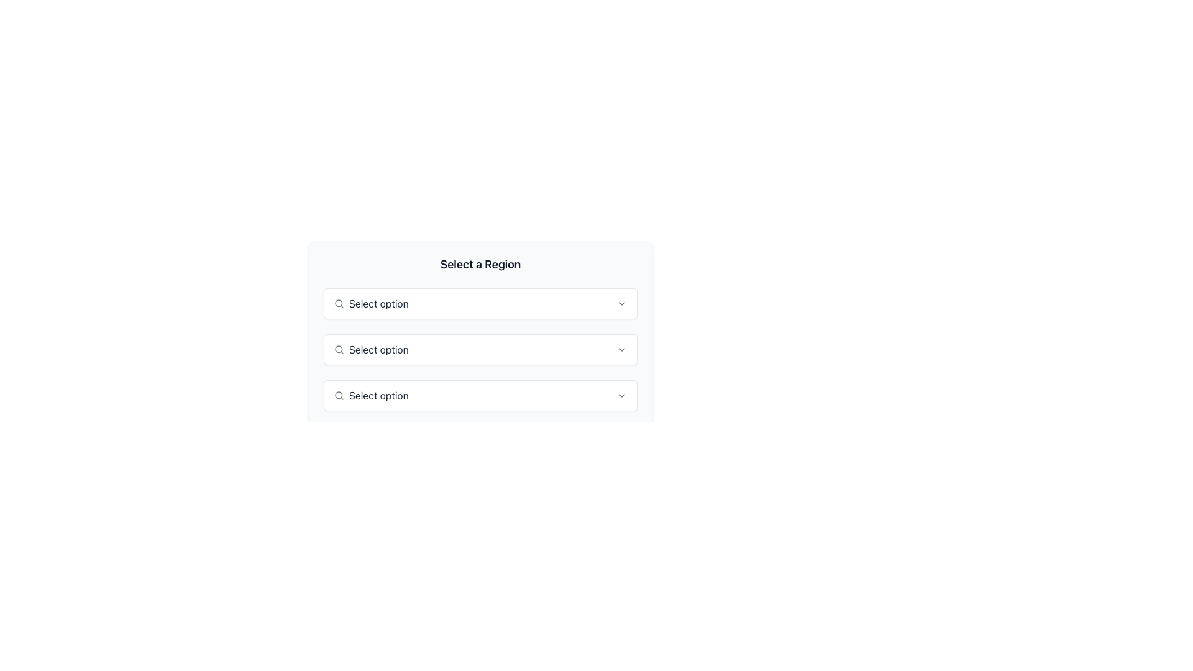 This screenshot has height=671, width=1193. Describe the element at coordinates (339, 350) in the screenshot. I see `the search icon located to the left of the 'Select option' text in the middle option field of the second row in a vertical list of three select options` at that location.